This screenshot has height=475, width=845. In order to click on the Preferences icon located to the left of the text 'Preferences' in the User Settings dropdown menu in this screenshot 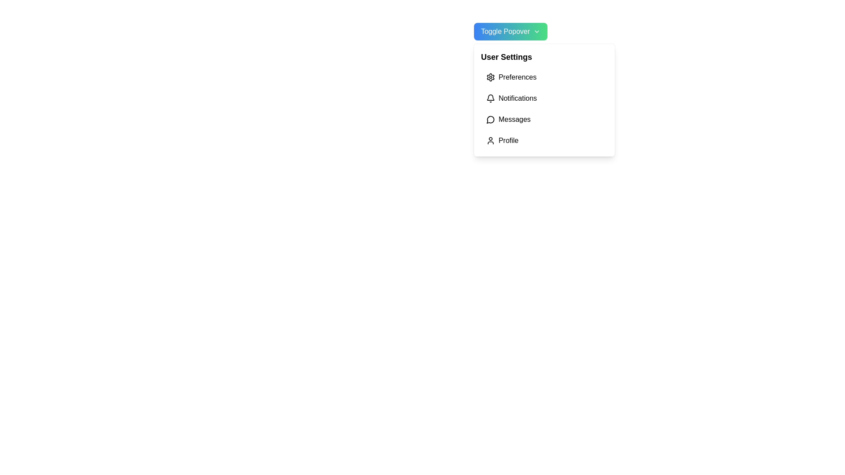, I will do `click(490, 77)`.